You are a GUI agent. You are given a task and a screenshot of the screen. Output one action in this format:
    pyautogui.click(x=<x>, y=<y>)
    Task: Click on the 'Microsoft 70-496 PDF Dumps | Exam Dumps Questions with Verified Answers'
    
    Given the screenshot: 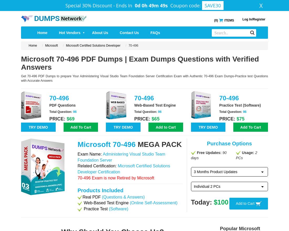 What is the action you would take?
    pyautogui.click(x=21, y=63)
    